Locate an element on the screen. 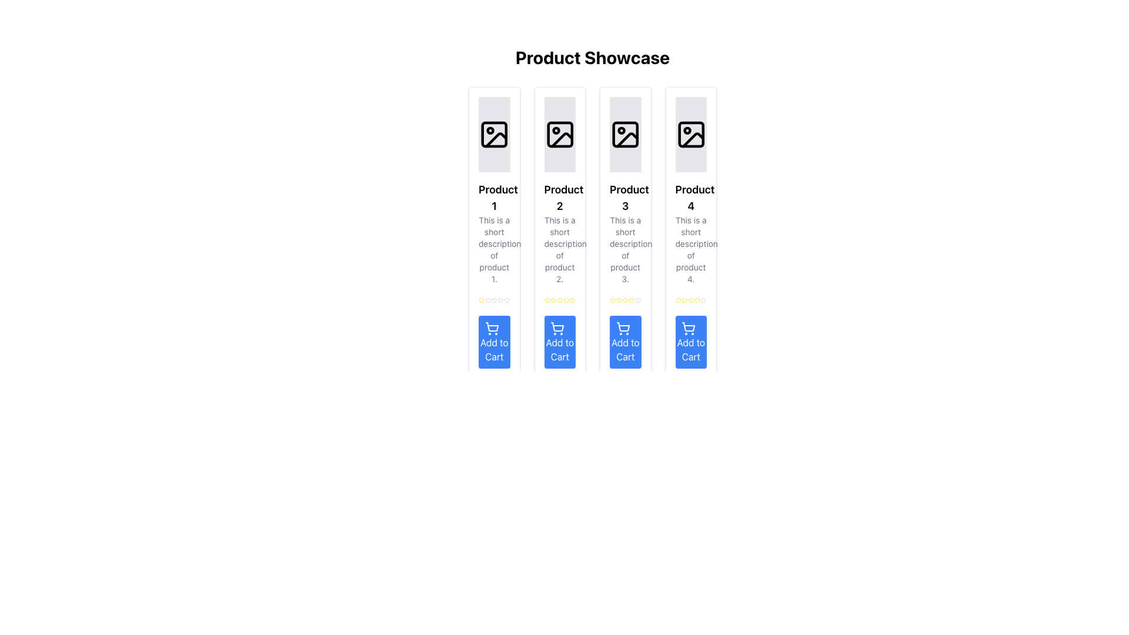 Image resolution: width=1129 pixels, height=635 pixels. the center star icon in the rating group of five stars, where the first star is yellow and the rest are light gray, located within the 'Product 1' card is located at coordinates (494, 299).